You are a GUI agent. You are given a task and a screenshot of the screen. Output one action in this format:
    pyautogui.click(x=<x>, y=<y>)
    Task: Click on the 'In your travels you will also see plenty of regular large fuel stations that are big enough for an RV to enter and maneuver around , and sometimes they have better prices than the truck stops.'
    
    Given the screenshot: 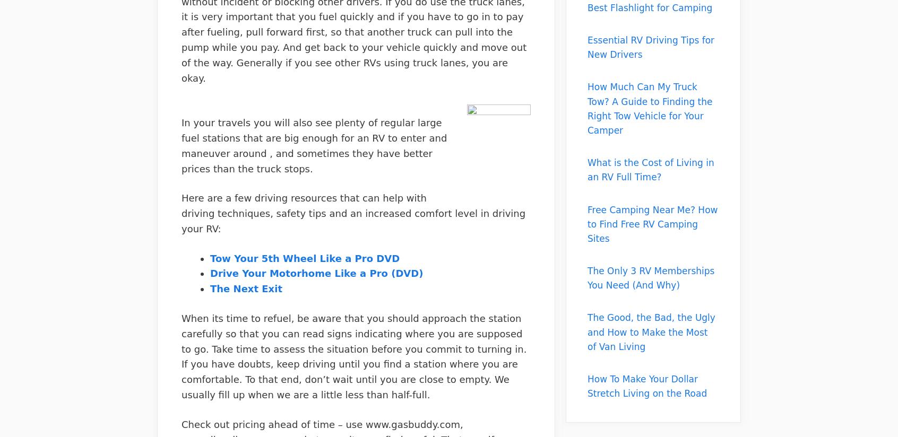 What is the action you would take?
    pyautogui.click(x=314, y=145)
    